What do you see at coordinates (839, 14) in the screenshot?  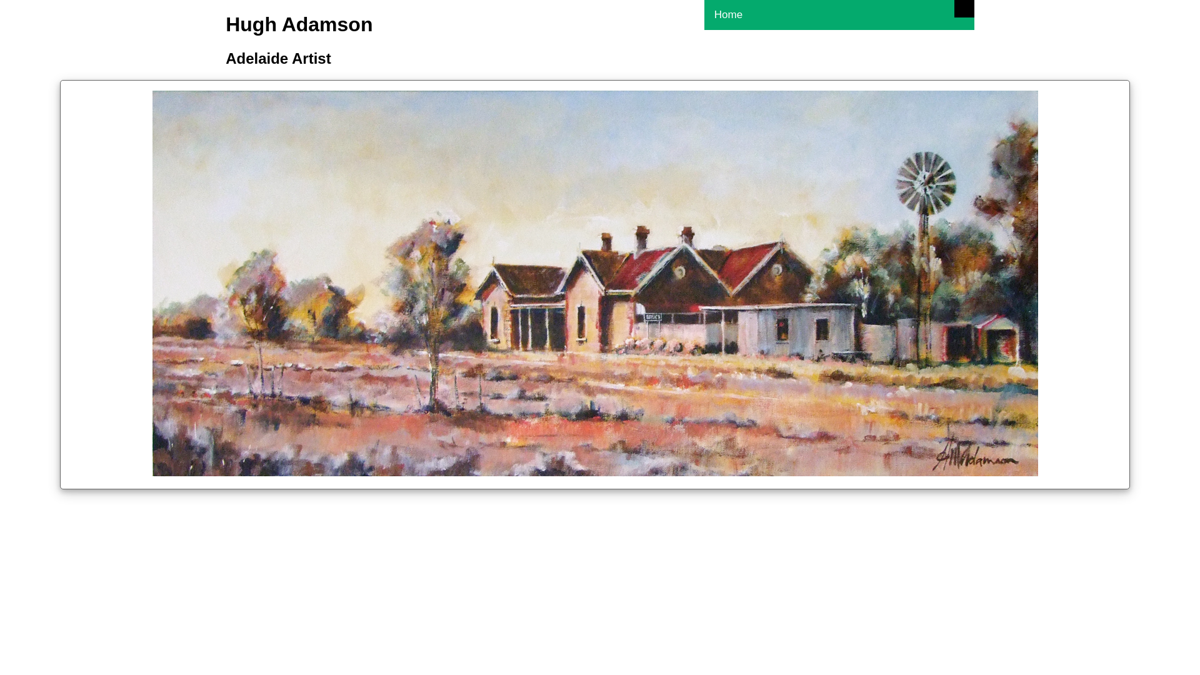 I see `'Home'` at bounding box center [839, 14].